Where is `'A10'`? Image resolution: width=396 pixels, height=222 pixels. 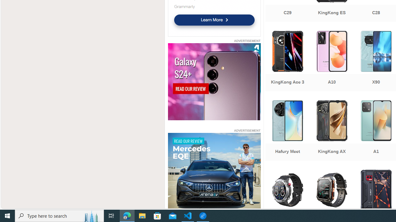
'A10' is located at coordinates (331, 62).